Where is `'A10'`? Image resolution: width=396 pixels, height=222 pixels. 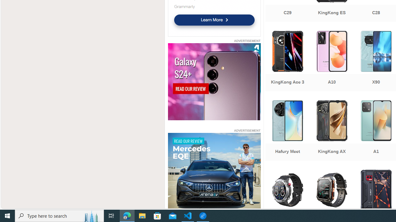
'A10' is located at coordinates (331, 62).